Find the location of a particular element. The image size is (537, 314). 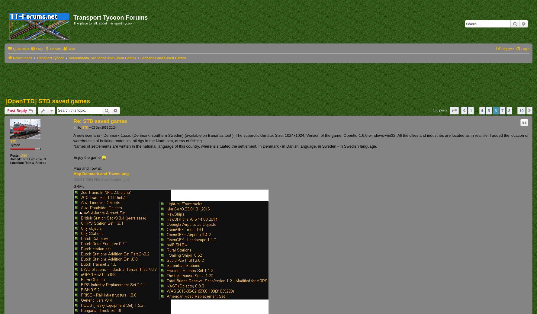

'by' is located at coordinates (78, 127).